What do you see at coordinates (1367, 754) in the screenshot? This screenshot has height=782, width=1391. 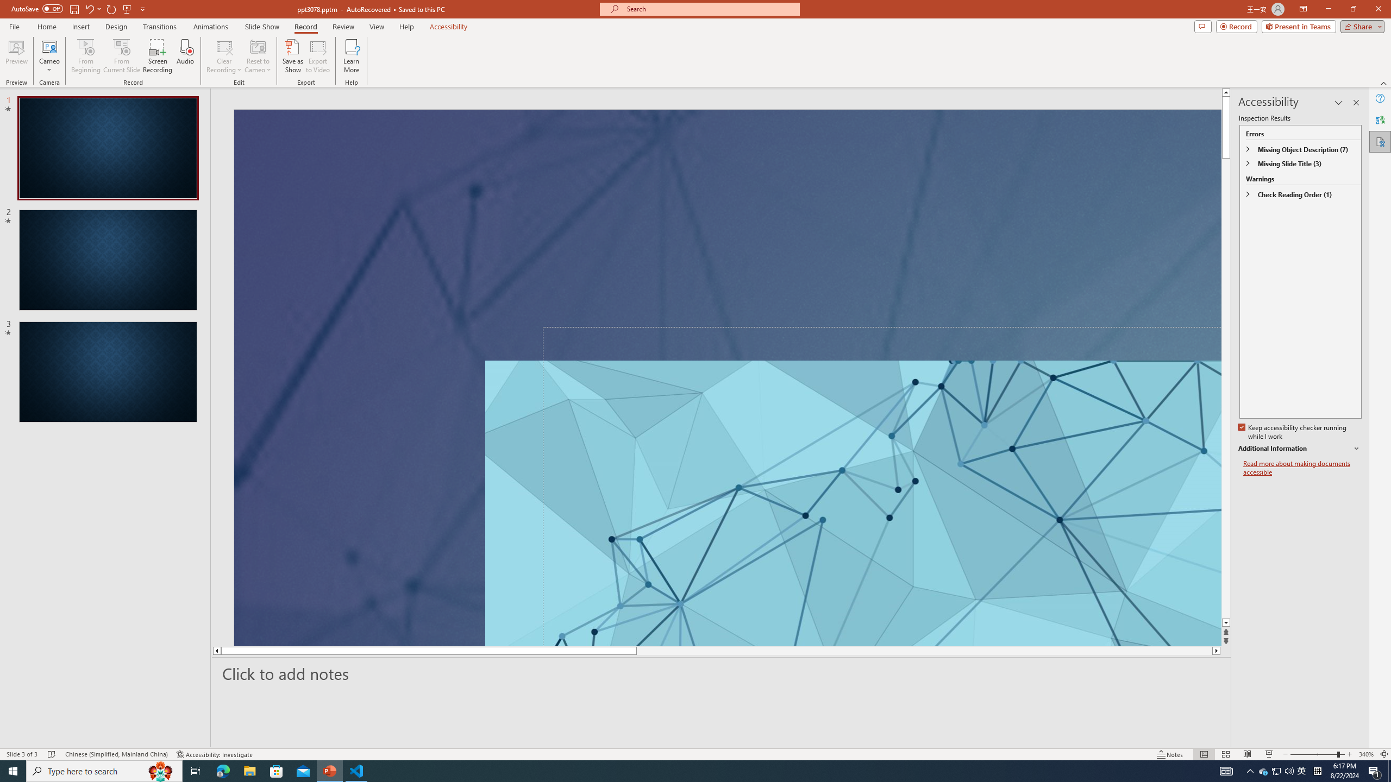 I see `'Zoom 340%'` at bounding box center [1367, 754].